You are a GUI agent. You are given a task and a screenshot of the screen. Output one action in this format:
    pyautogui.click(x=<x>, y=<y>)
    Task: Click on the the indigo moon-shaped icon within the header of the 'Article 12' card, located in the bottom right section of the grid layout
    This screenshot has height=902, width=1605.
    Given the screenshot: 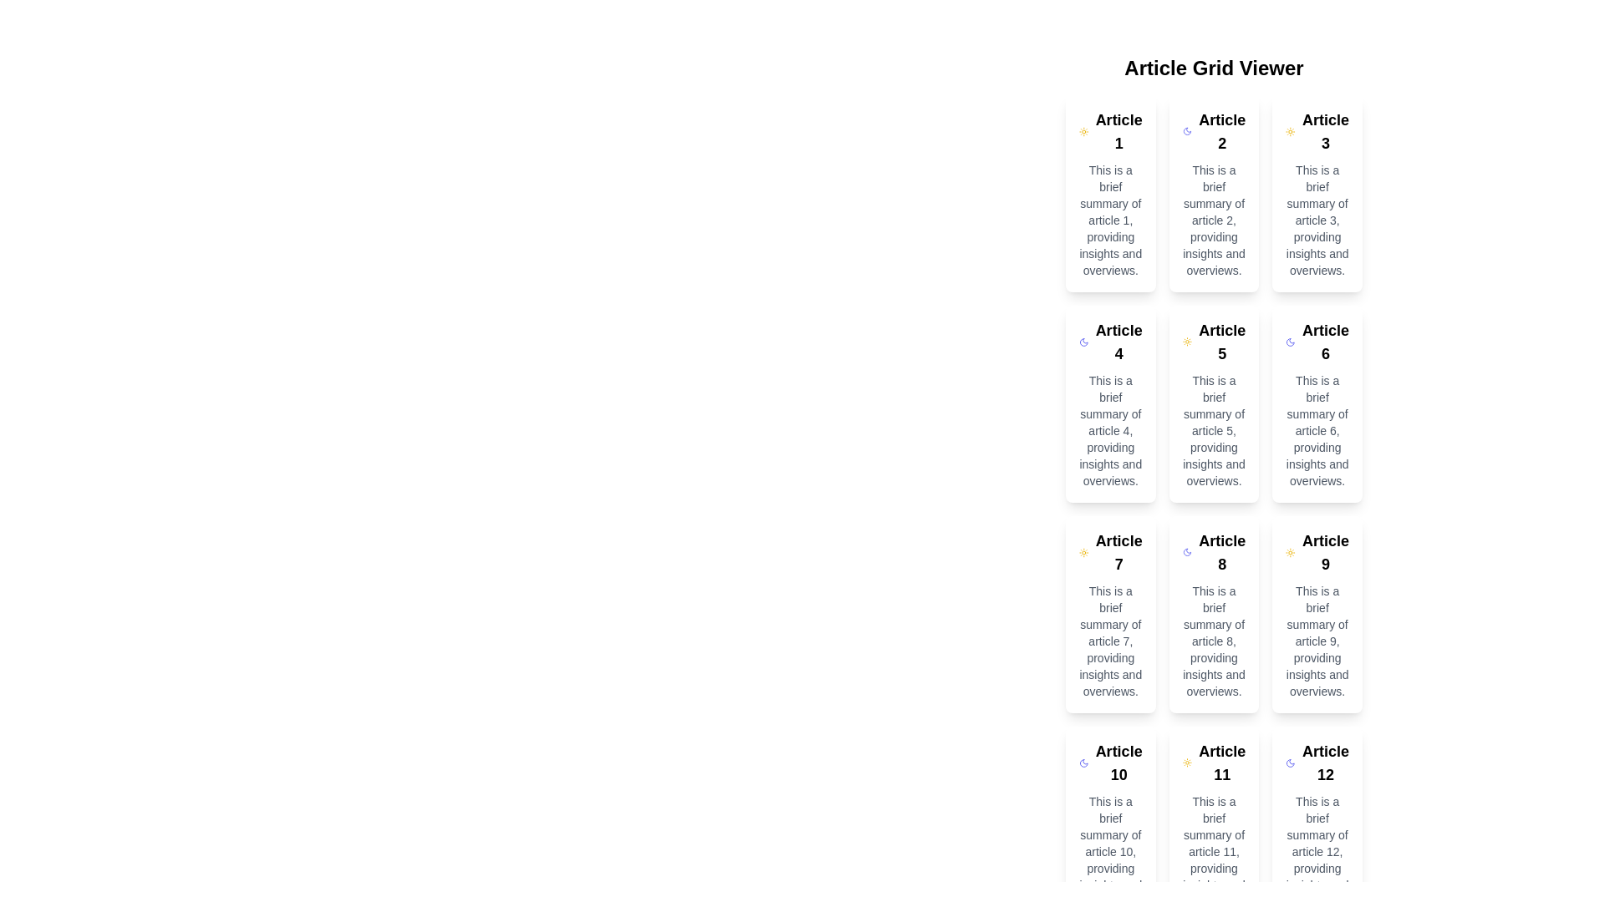 What is the action you would take?
    pyautogui.click(x=1290, y=763)
    